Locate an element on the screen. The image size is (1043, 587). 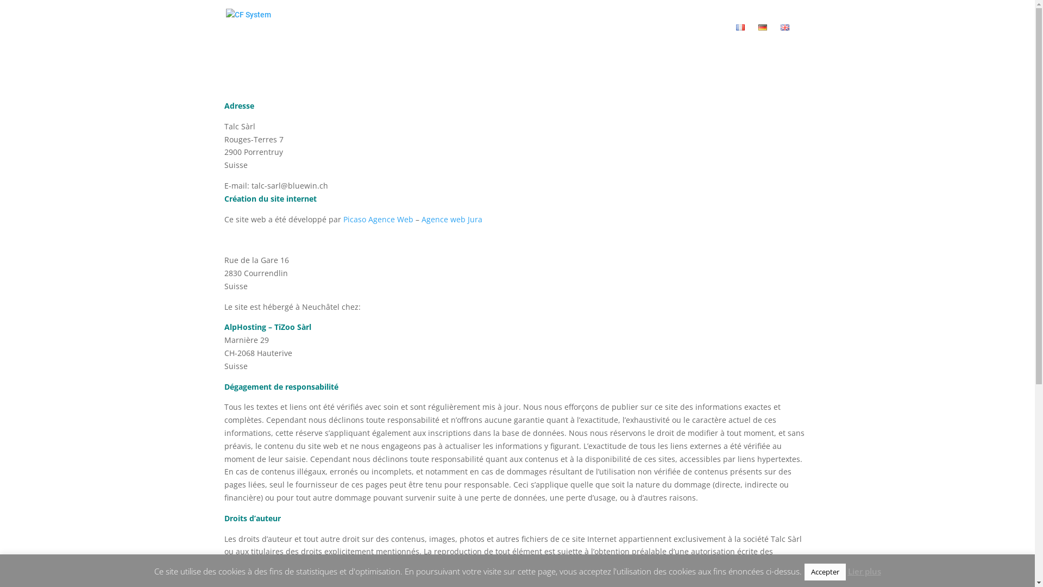
'Lier plus' is located at coordinates (847, 571).